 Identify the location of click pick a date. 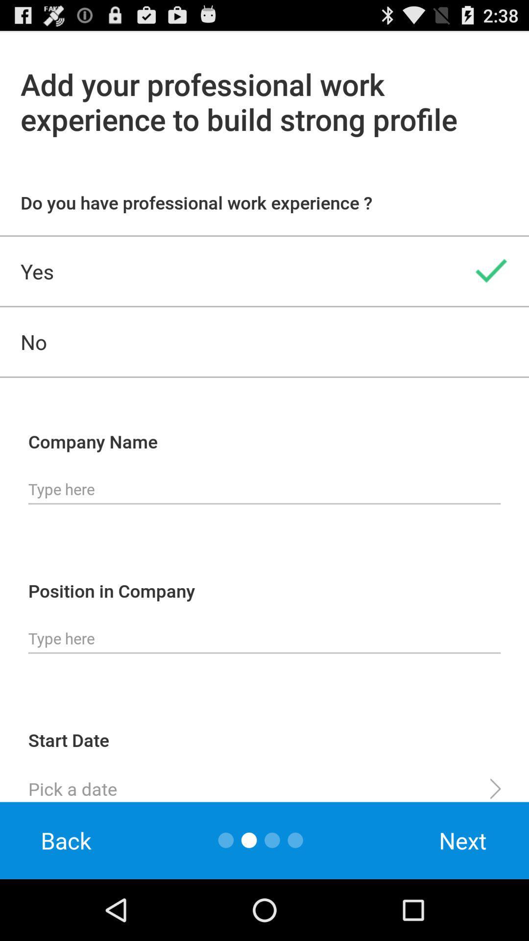
(264, 785).